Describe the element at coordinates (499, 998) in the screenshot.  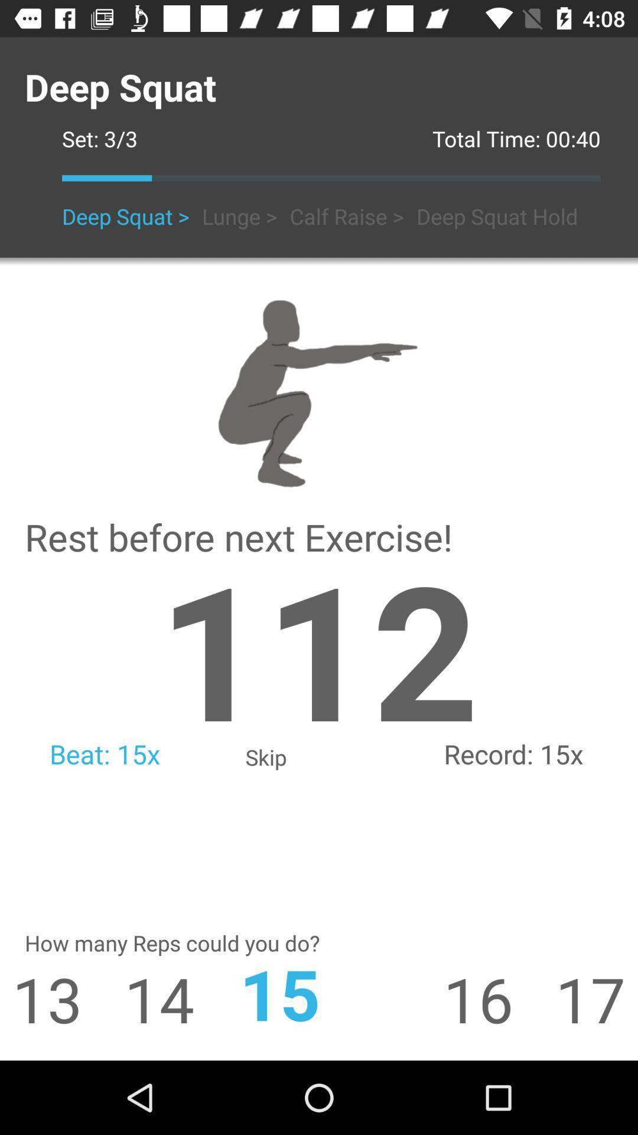
I see `item to the right of 15 item` at that location.